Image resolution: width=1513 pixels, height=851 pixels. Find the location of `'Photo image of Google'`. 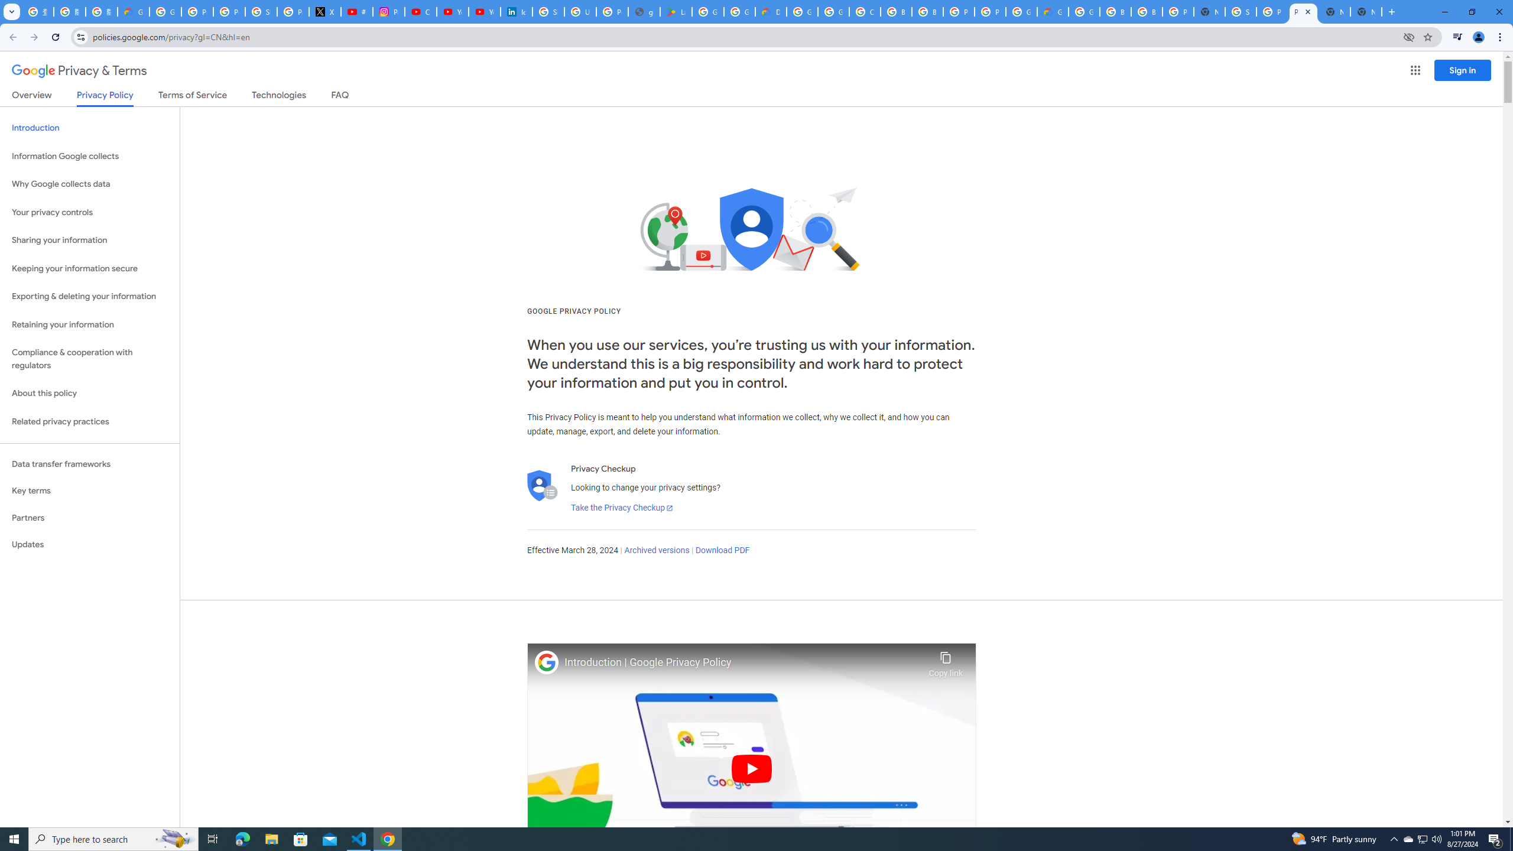

'Photo image of Google' is located at coordinates (547, 661).